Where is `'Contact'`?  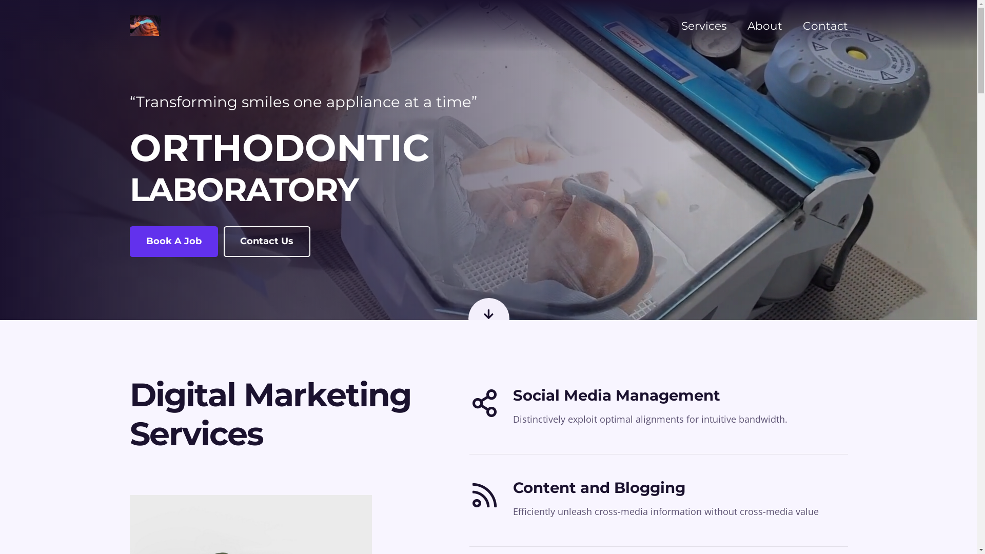 'Contact' is located at coordinates (825, 25).